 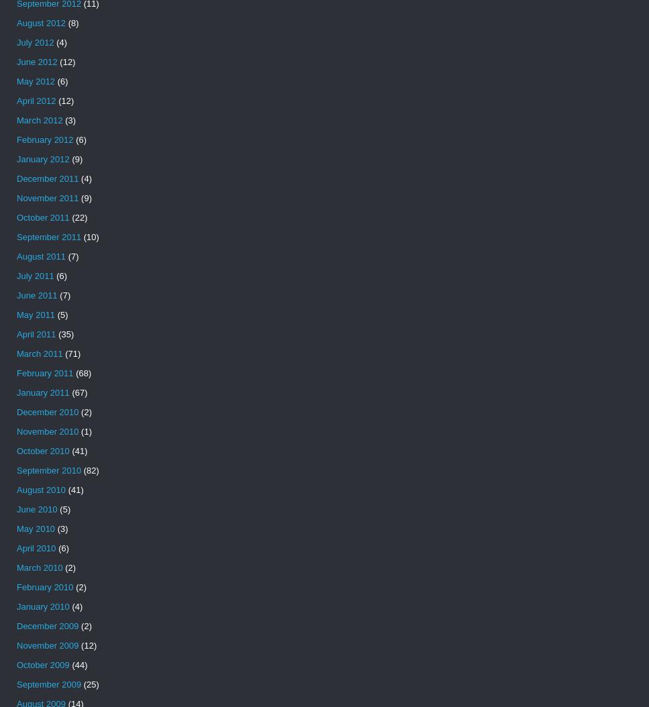 I want to click on 'August 2010', so click(x=40, y=489).